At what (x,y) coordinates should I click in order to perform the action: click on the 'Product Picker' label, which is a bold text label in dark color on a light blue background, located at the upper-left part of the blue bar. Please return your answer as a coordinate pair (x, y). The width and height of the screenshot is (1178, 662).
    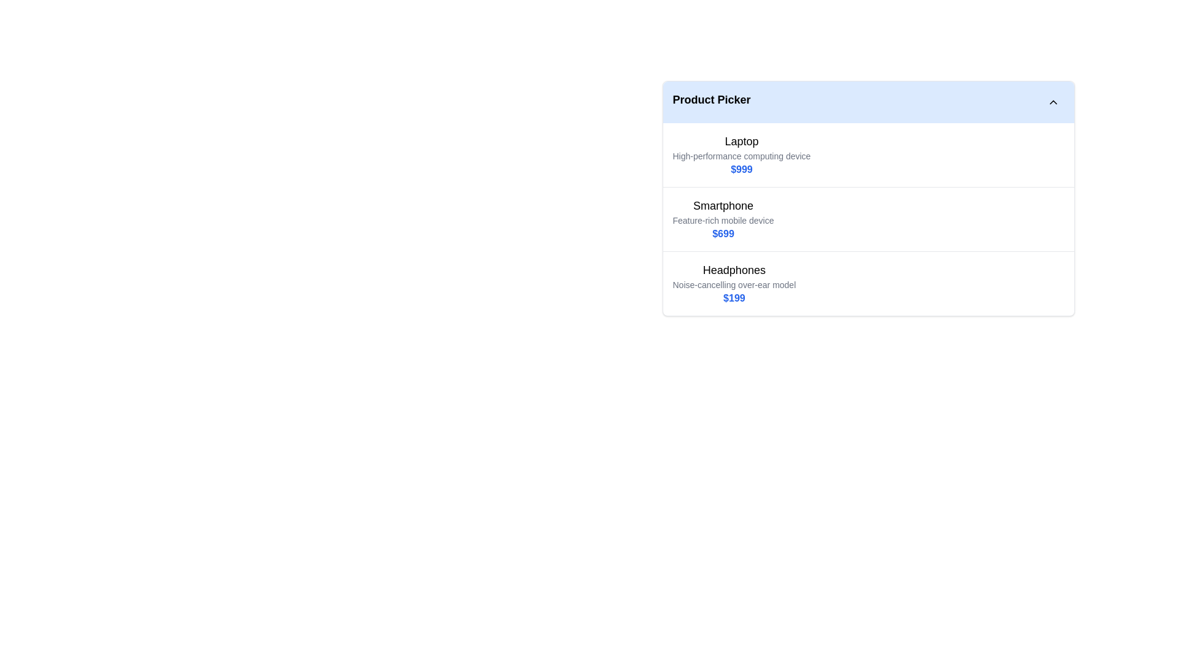
    Looking at the image, I should click on (712, 101).